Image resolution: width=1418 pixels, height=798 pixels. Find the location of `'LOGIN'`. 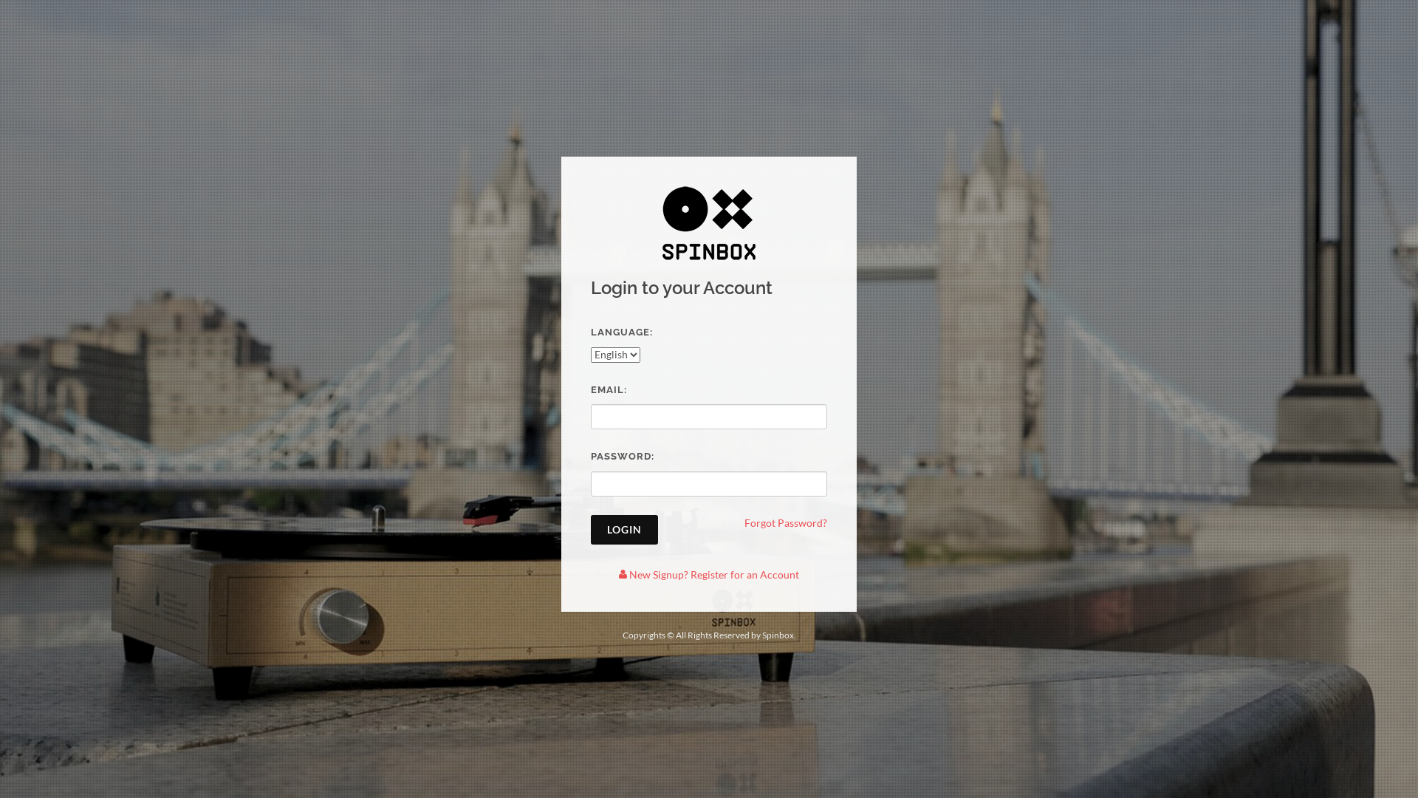

'LOGIN' is located at coordinates (624, 528).